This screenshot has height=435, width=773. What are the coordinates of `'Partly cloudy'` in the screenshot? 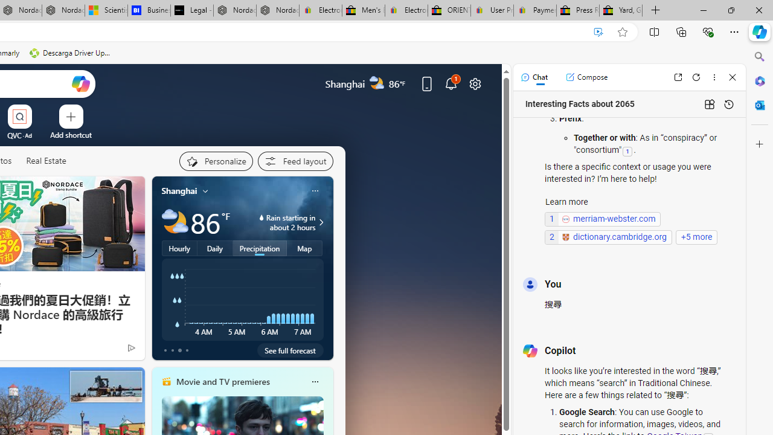 It's located at (174, 222).